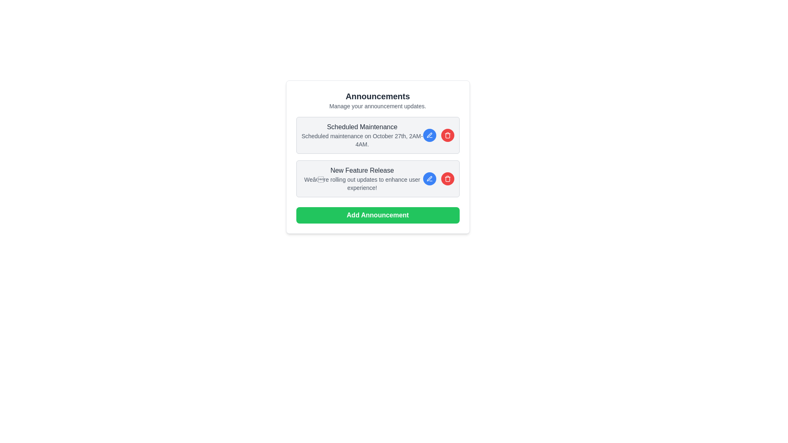  I want to click on the text element that provides additional descriptive information about the announcement titled 'New Feature Release', which is positioned beneath the title and centrally aligned within the announcement box, so click(362, 183).